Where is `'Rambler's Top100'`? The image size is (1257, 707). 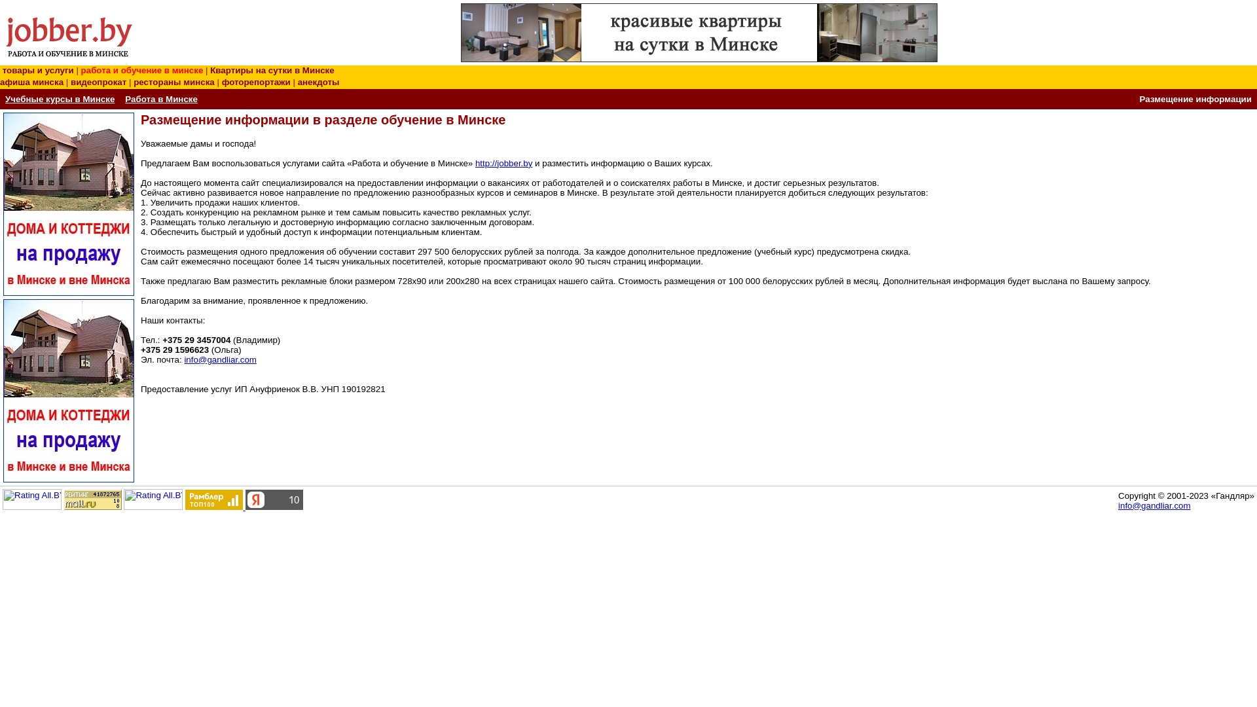 'Rambler's Top100' is located at coordinates (213, 499).